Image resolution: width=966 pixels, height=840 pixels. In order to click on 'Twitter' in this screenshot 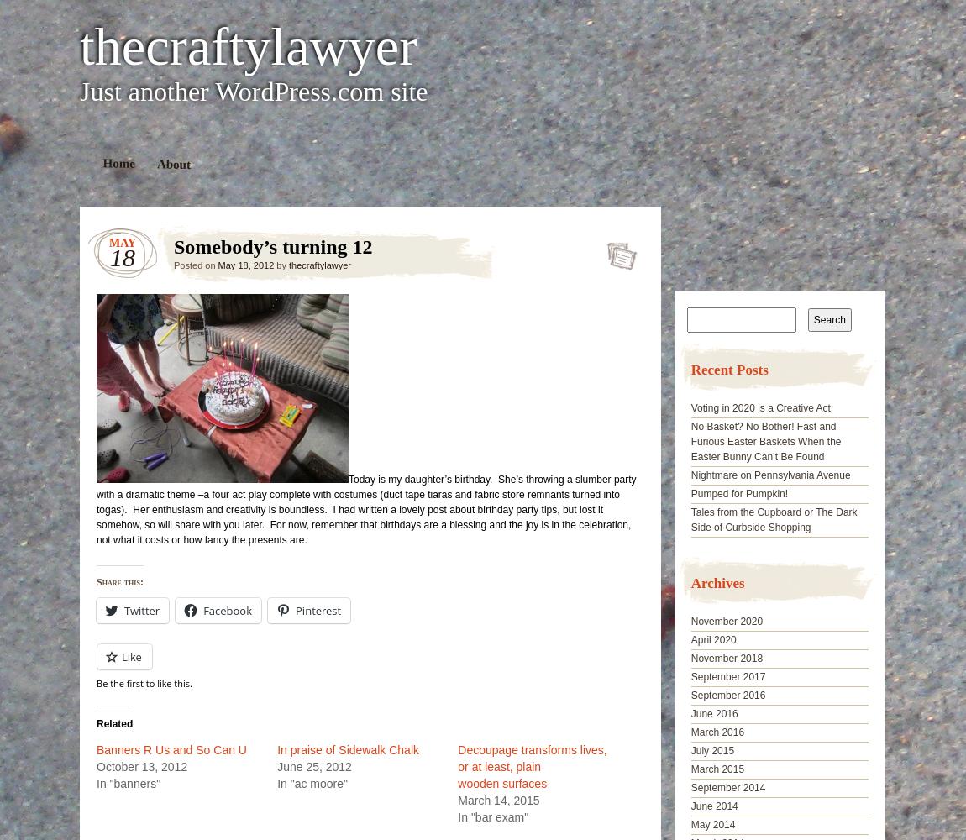, I will do `click(141, 610)`.